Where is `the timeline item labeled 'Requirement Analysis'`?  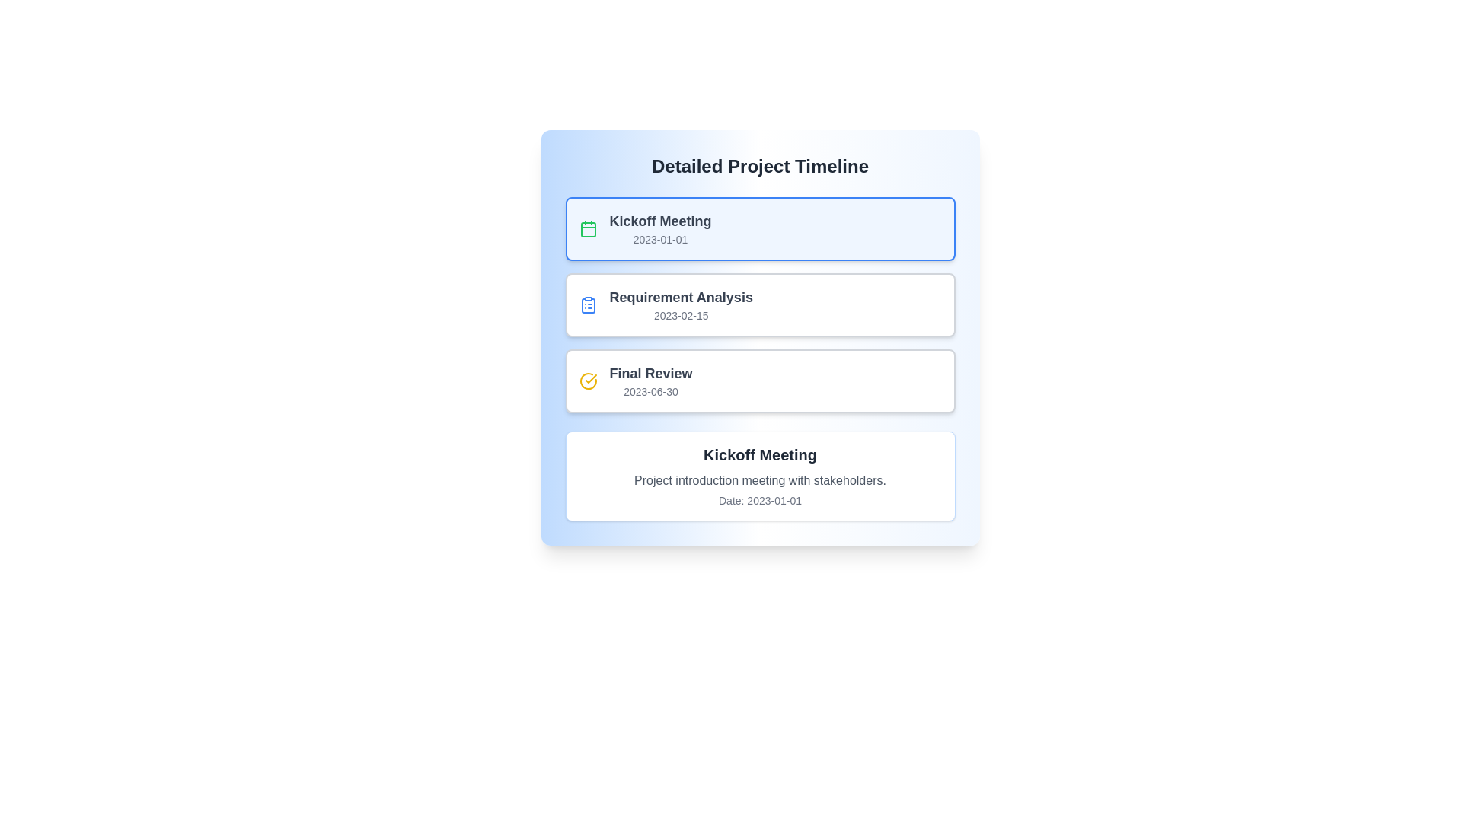
the timeline item labeled 'Requirement Analysis' is located at coordinates (760, 305).